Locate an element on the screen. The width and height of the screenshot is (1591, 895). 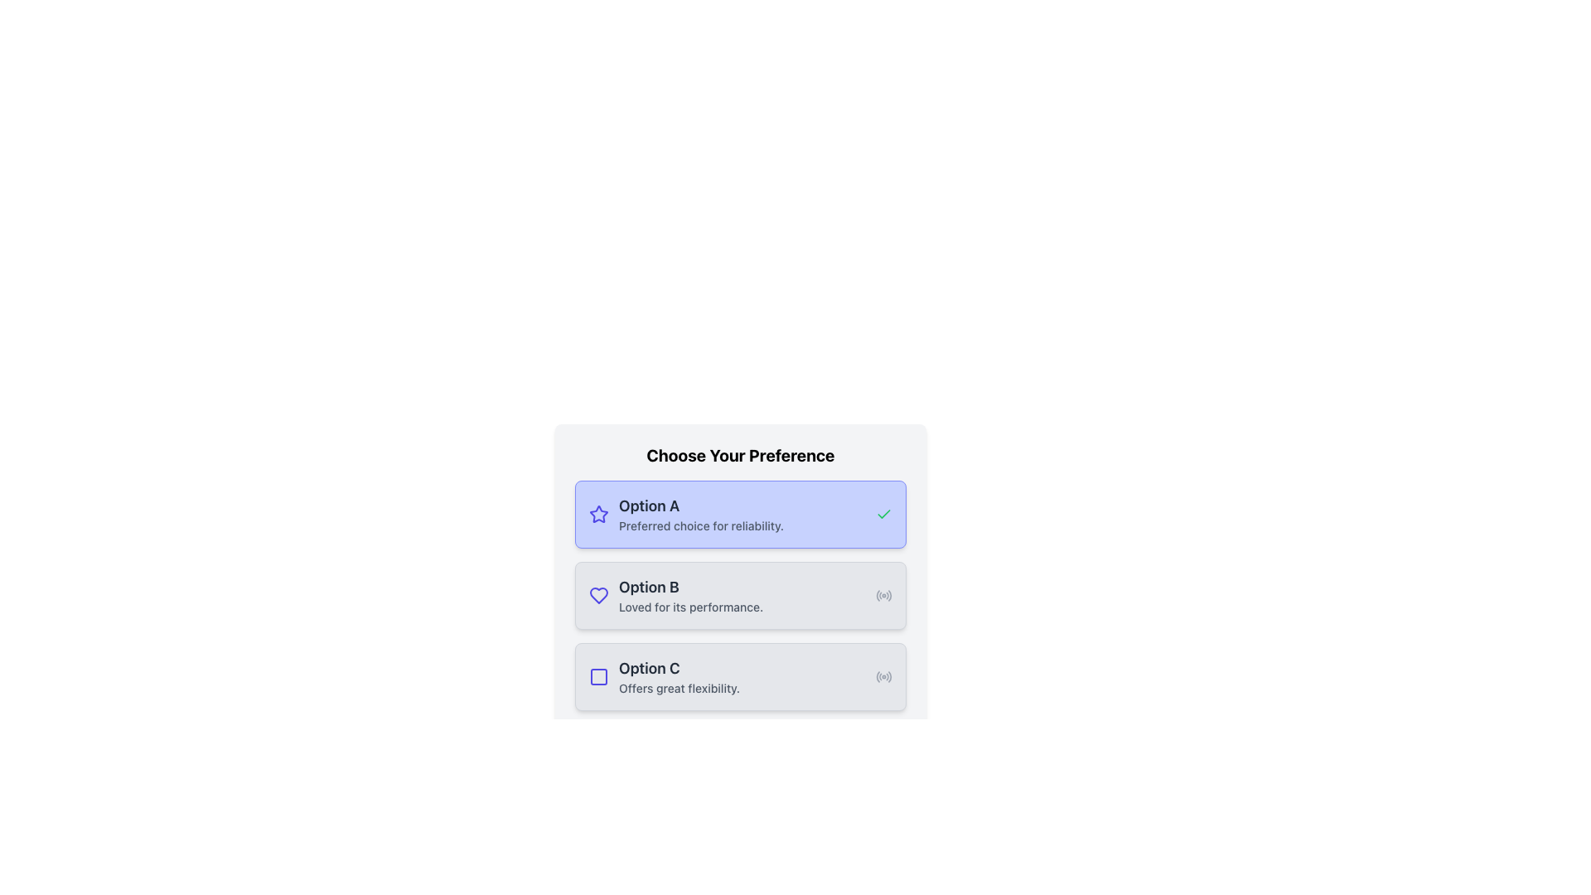
the text block containing 'Option B' and 'Loved for its performance.' is located at coordinates (742, 594).